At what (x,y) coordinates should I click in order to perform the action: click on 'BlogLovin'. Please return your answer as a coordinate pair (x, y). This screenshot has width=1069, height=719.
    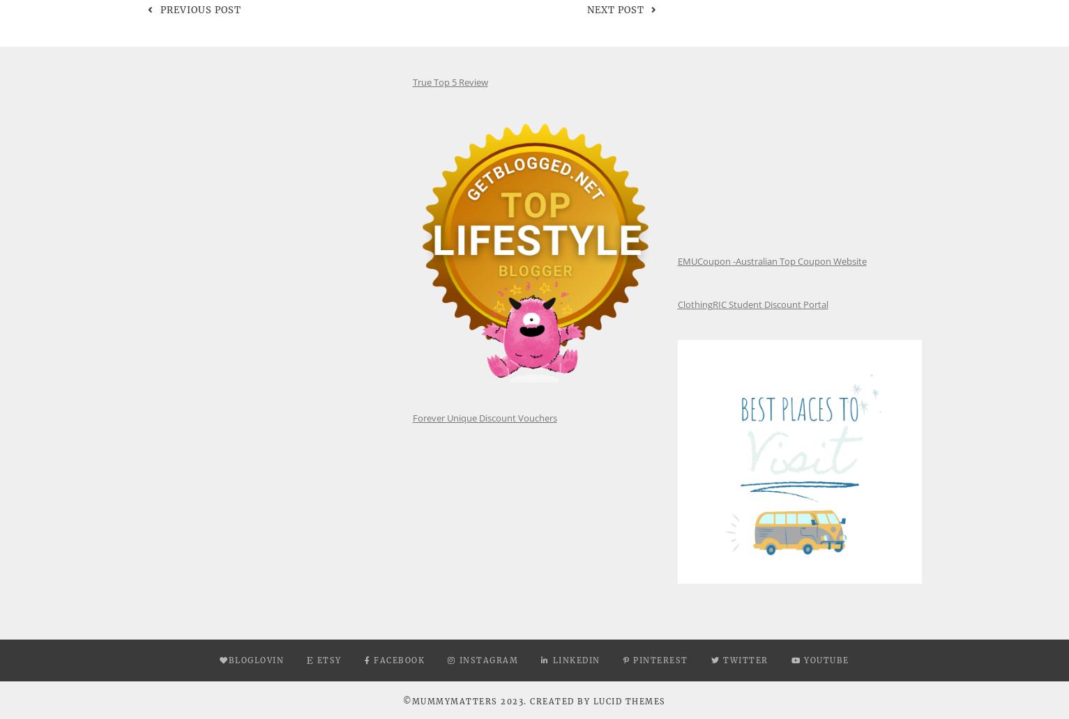
    Looking at the image, I should click on (255, 659).